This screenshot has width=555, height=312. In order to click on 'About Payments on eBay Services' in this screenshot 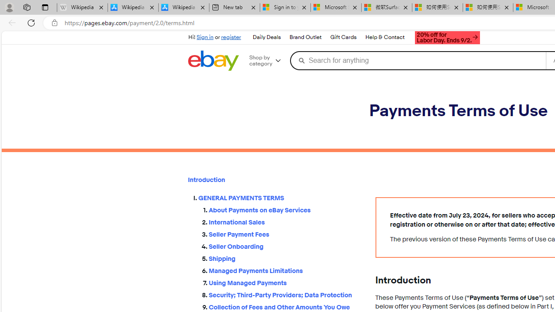, I will do `click(285, 208)`.